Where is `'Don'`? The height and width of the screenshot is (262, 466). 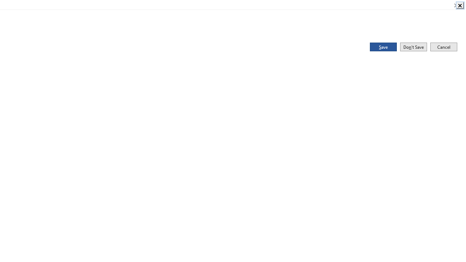 'Don' is located at coordinates (414, 47).